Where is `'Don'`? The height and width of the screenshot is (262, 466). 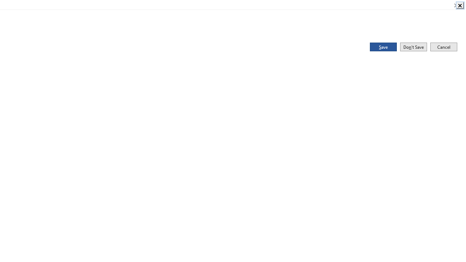 'Don' is located at coordinates (414, 47).